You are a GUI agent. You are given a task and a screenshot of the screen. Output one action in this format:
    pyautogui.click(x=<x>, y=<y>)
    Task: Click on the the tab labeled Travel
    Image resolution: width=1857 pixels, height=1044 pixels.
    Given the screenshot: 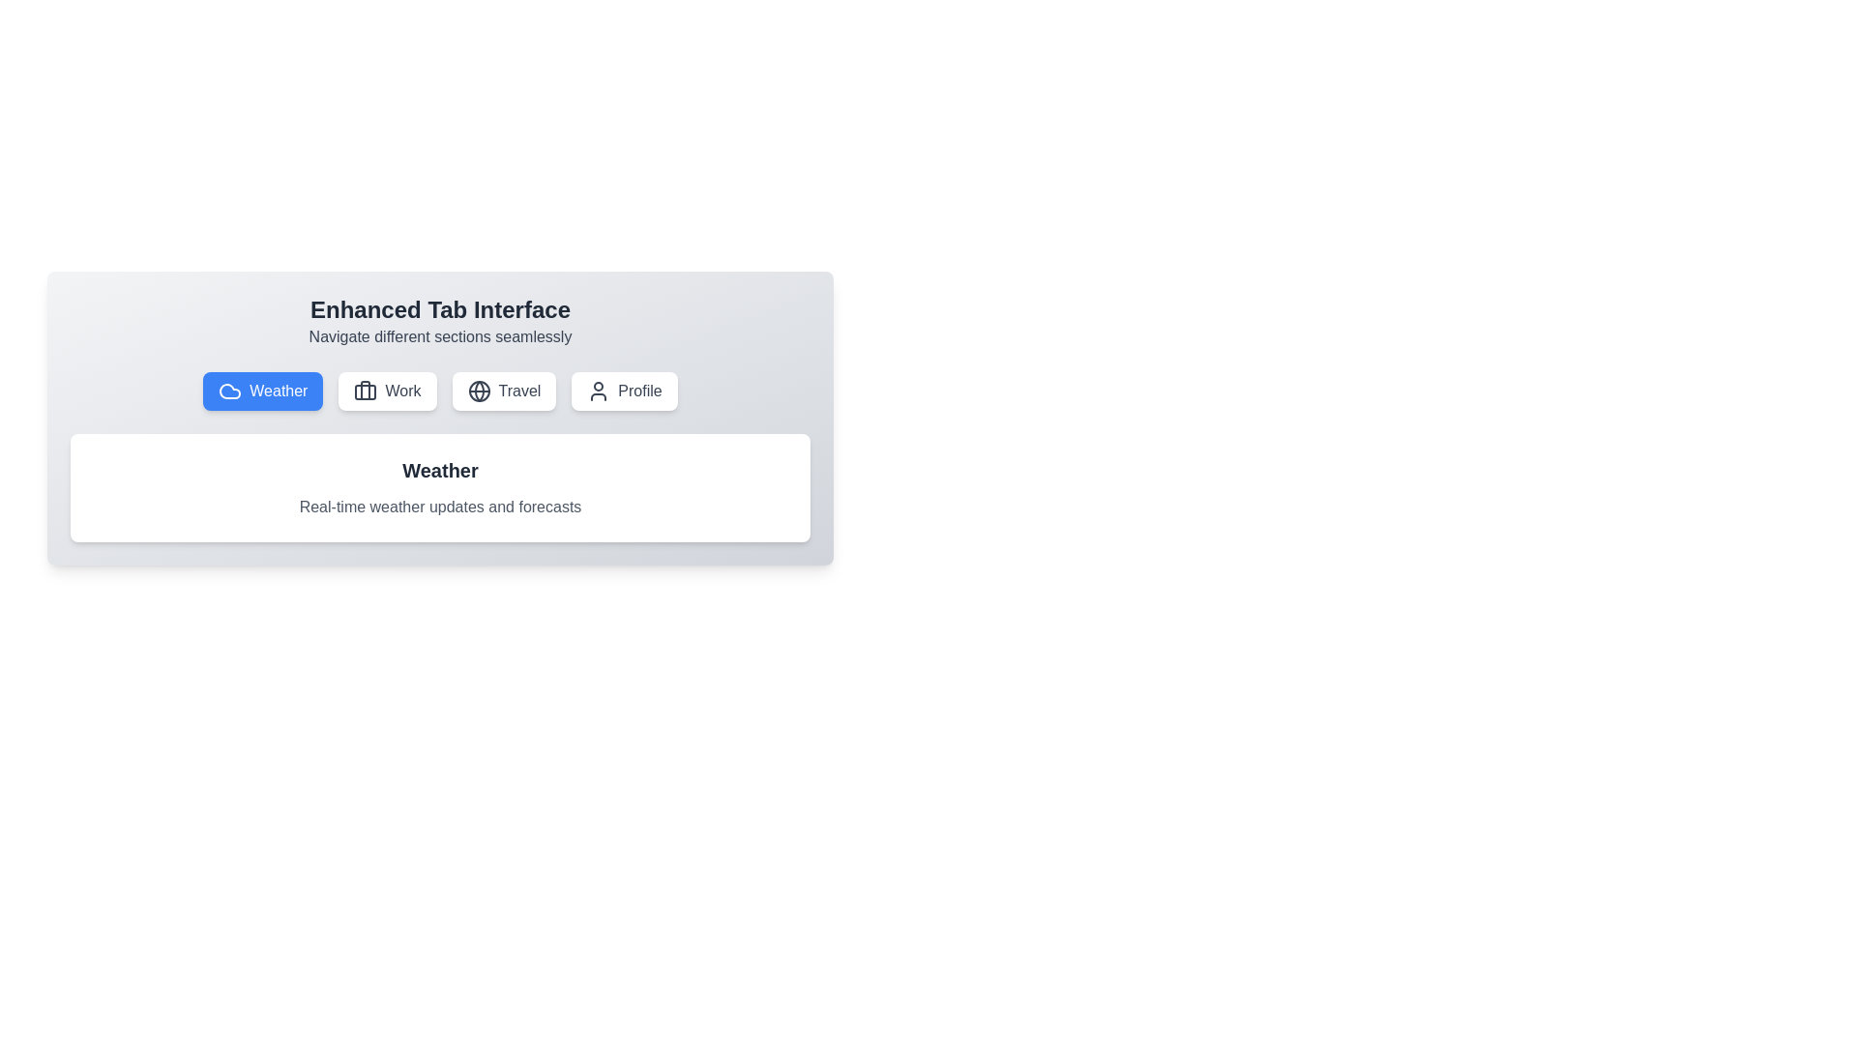 What is the action you would take?
    pyautogui.click(x=504, y=391)
    